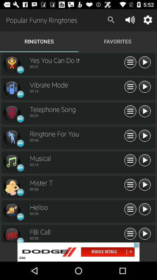  Describe the element at coordinates (144, 87) in the screenshot. I see `the vibrate mode ringtone` at that location.